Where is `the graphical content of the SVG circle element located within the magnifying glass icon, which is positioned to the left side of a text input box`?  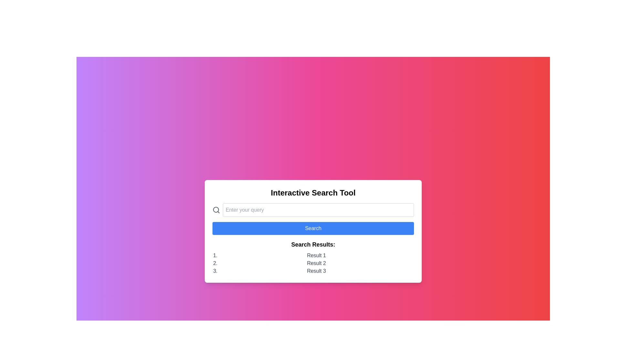 the graphical content of the SVG circle element located within the magnifying glass icon, which is positioned to the left side of a text input box is located at coordinates (216, 209).